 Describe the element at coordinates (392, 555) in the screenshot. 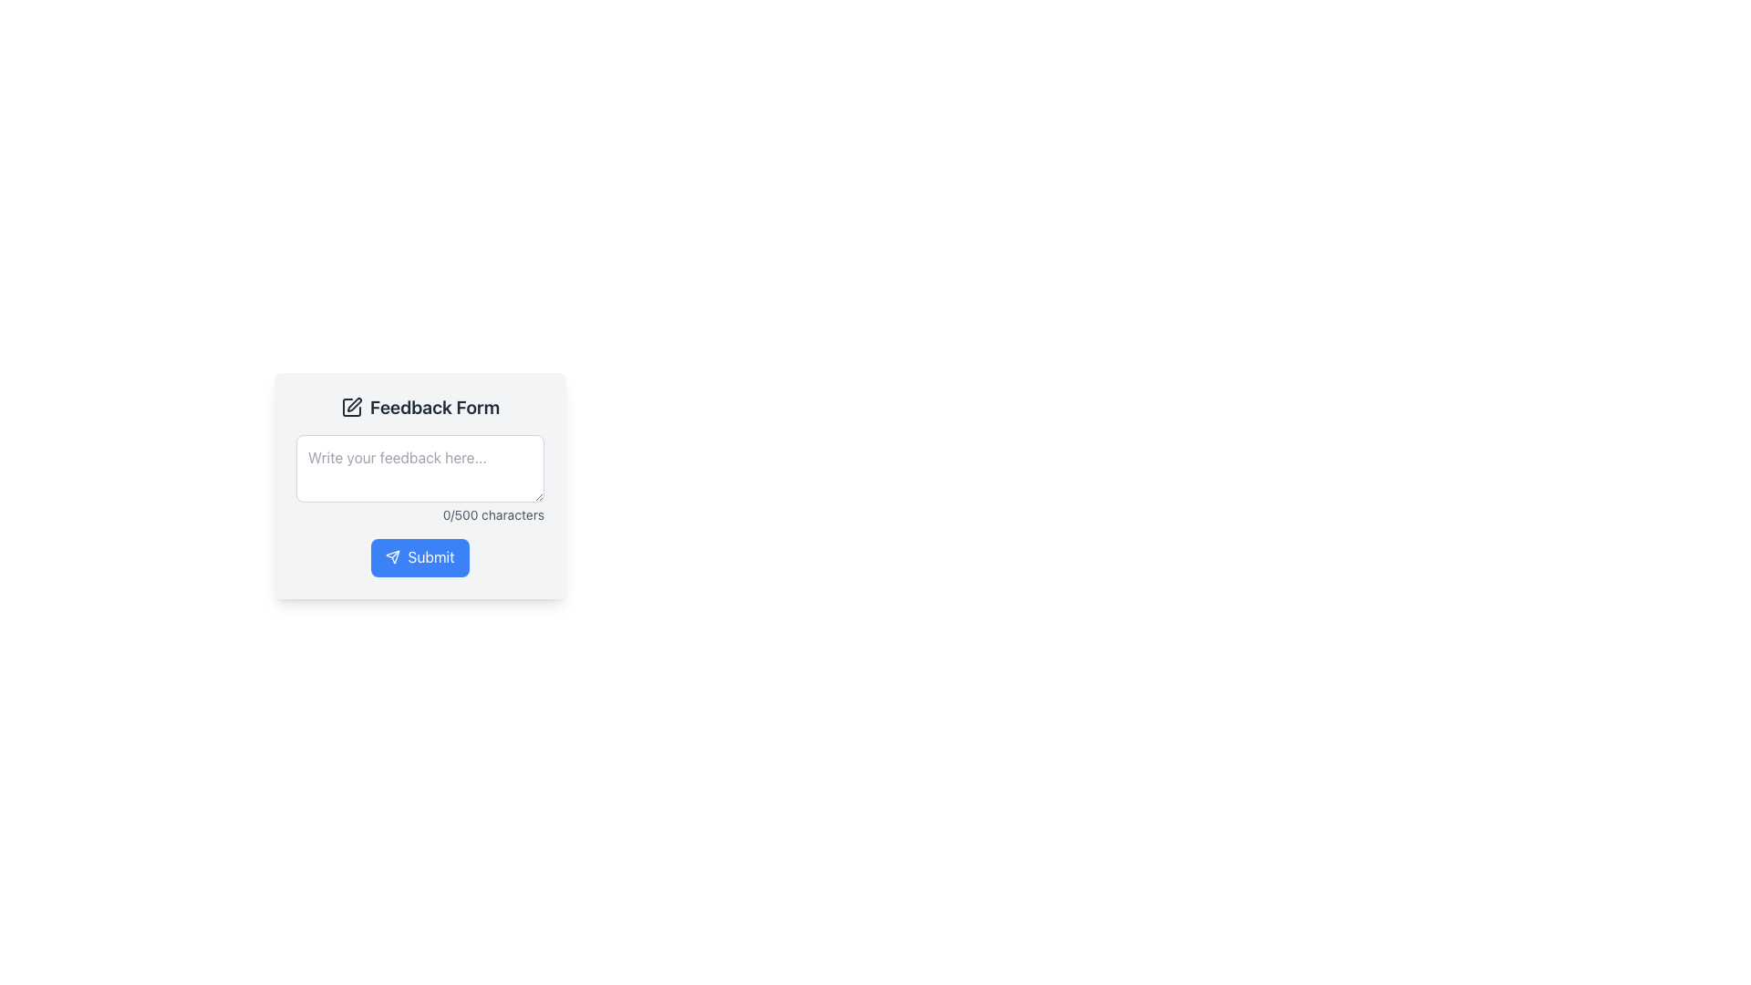

I see `the triangular-shaped icon within the SVG graphic located in the bottom-right area of the feedback form for additional feedback` at that location.